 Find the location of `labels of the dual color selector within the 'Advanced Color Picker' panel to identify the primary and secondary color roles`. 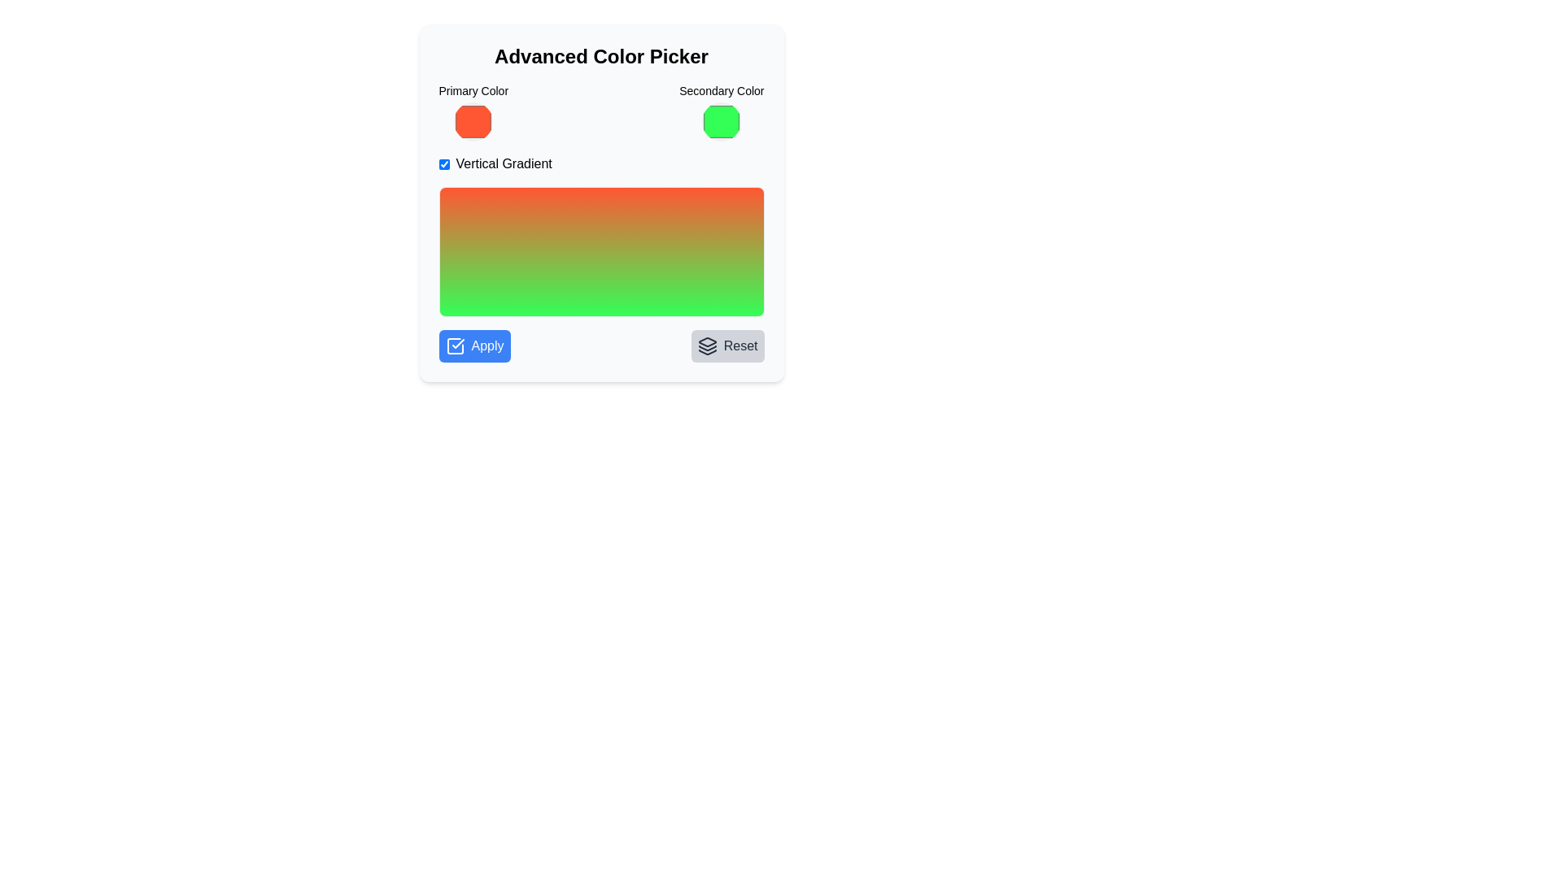

labels of the dual color selector within the 'Advanced Color Picker' panel to identify the primary and secondary color roles is located at coordinates (600, 111).